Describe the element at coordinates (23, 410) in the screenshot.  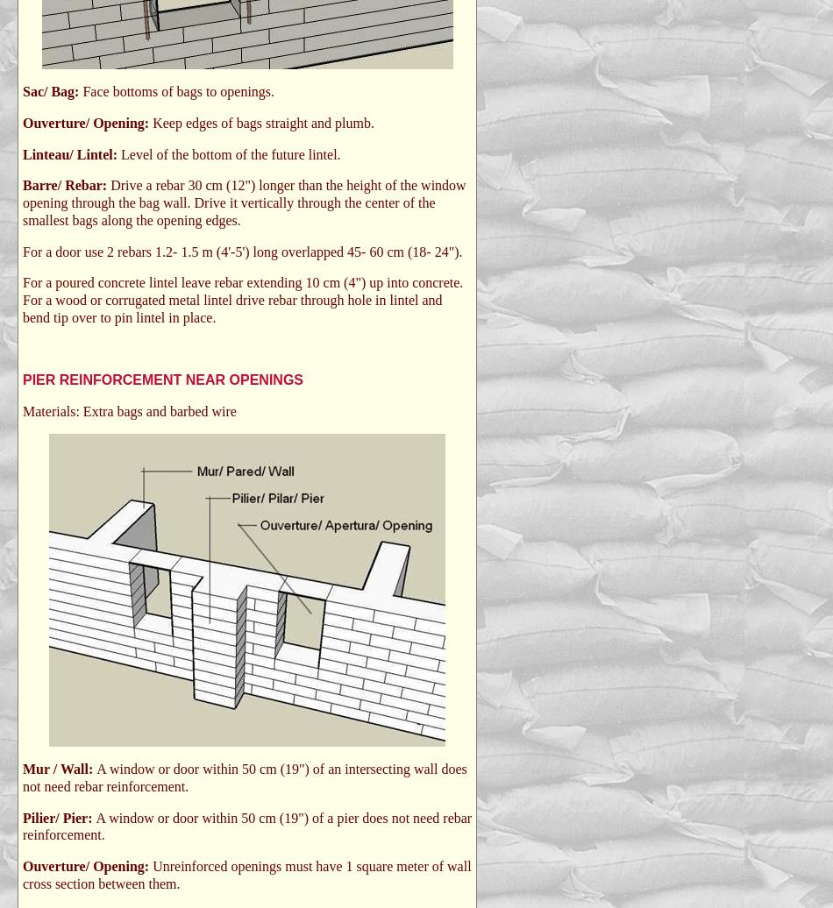
I see `'Materials: Extra bags and barbed wire'` at that location.